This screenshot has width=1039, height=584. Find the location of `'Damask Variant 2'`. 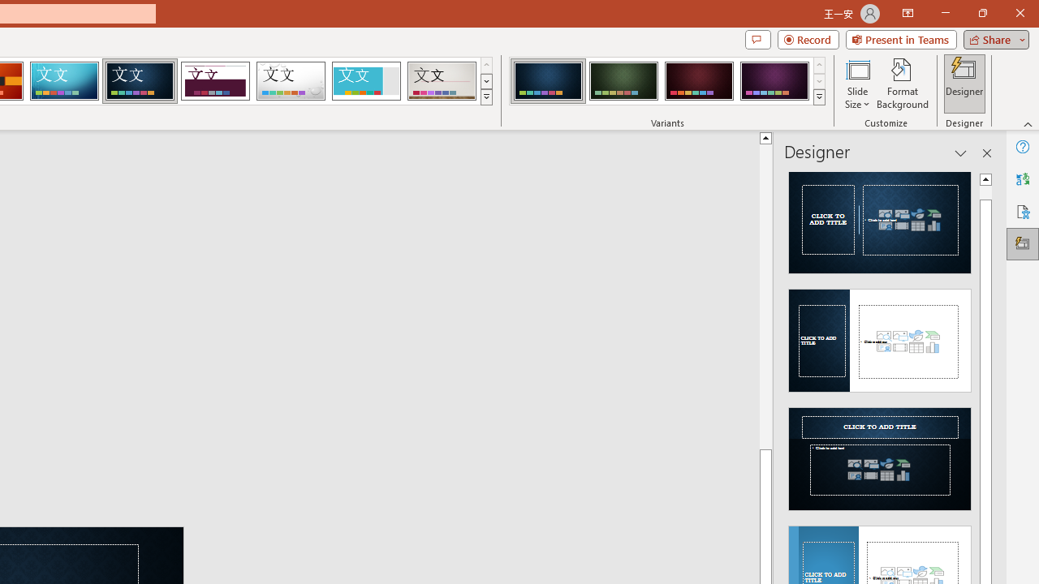

'Damask Variant 2' is located at coordinates (623, 81).